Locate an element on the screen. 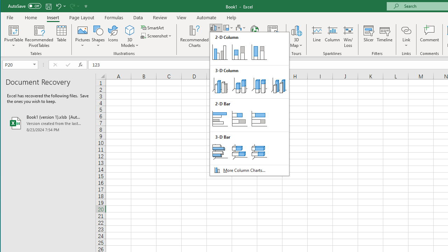 The height and width of the screenshot is (252, 448). 'Win/Loss' is located at coordinates (348, 36).